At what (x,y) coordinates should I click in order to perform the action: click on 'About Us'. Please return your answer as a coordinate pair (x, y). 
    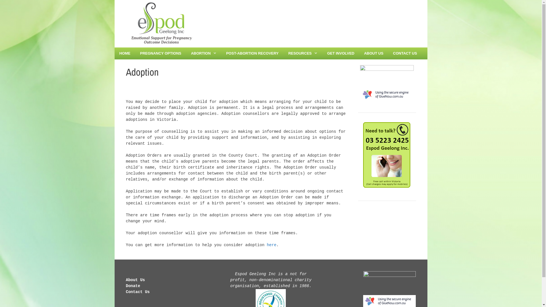
    Looking at the image, I should click on (135, 279).